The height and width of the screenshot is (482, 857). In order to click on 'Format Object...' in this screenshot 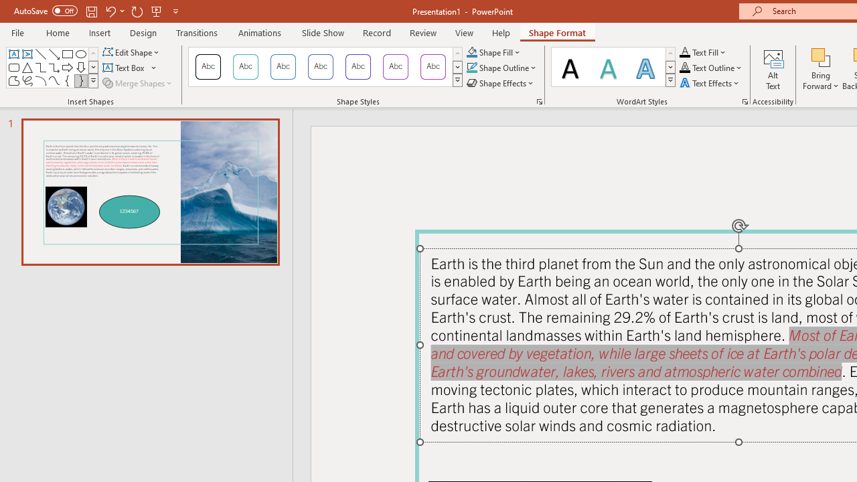, I will do `click(539, 100)`.